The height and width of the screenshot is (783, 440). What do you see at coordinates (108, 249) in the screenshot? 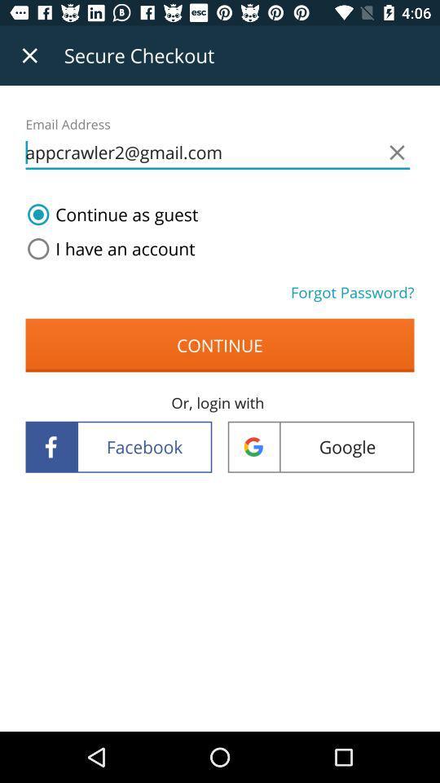
I see `item to the left of the forgot password? item` at bounding box center [108, 249].